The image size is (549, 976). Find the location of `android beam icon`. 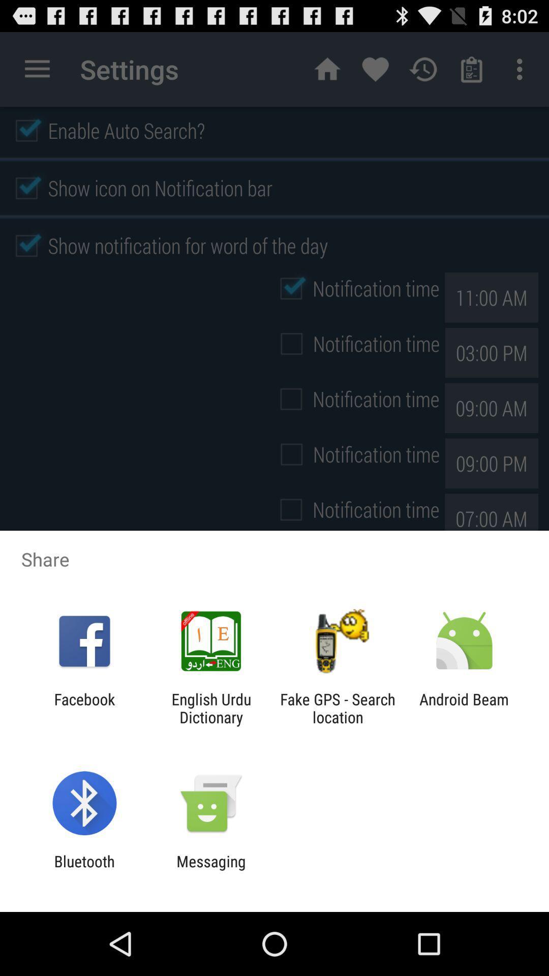

android beam icon is located at coordinates (464, 708).